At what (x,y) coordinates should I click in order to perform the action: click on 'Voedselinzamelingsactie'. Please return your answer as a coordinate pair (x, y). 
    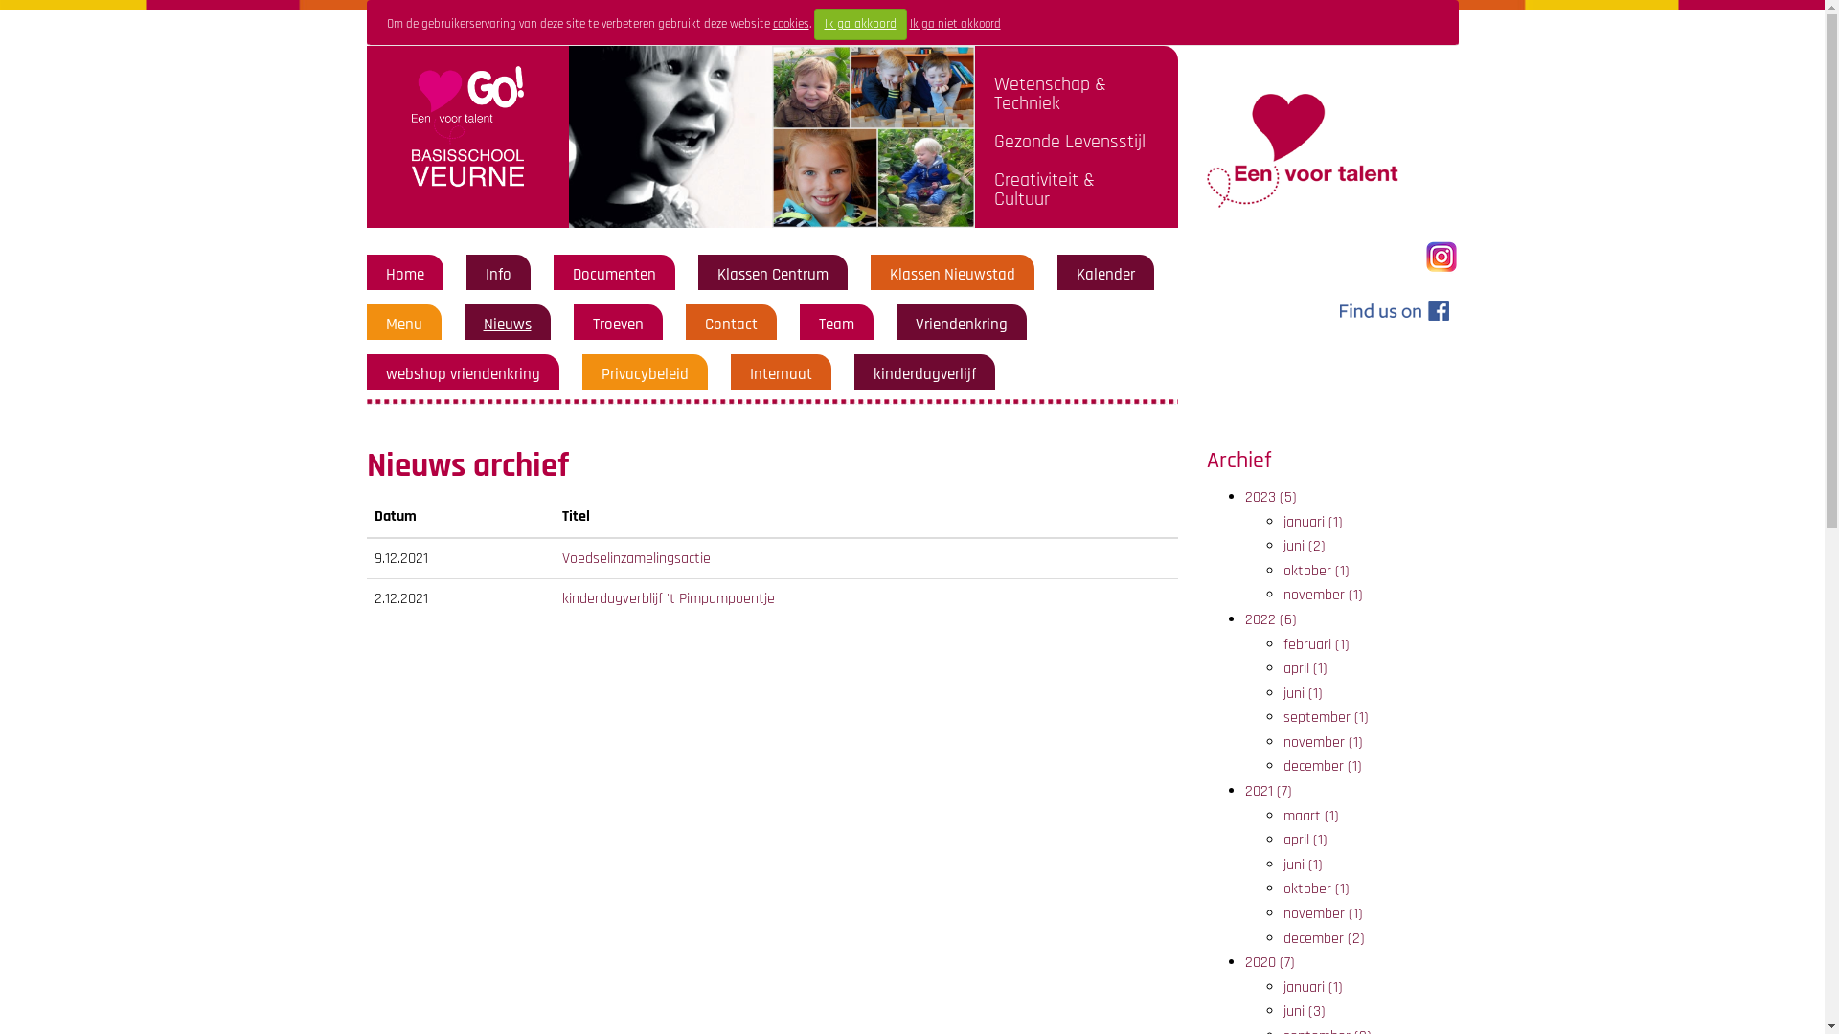
    Looking at the image, I should click on (636, 558).